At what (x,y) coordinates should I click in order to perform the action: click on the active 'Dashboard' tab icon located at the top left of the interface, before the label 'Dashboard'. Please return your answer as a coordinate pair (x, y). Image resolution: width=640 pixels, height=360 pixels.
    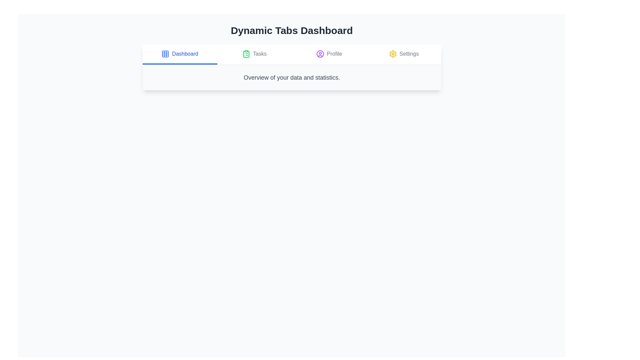
    Looking at the image, I should click on (165, 54).